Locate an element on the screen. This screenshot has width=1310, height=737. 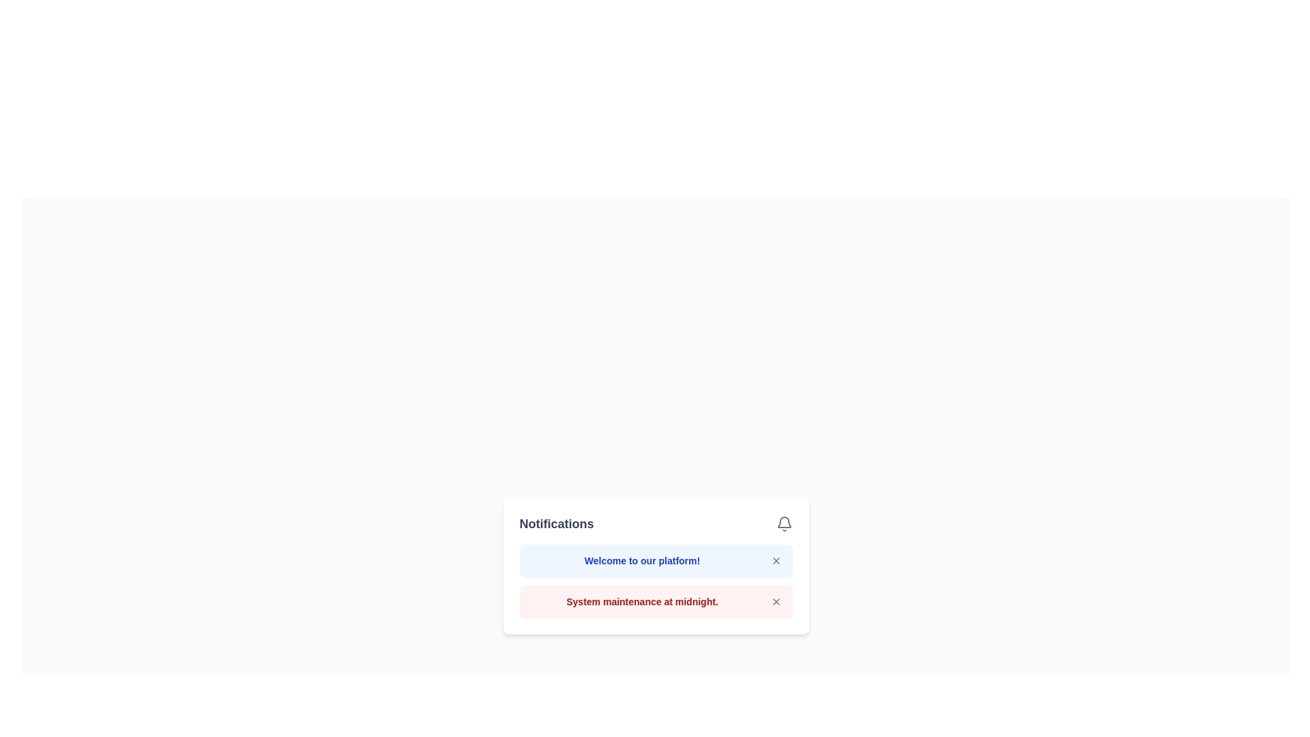
the close button located at the lower right corner of the second notification card, which dismisses the notification message 'System maintenance at midnight.' is located at coordinates (776, 601).